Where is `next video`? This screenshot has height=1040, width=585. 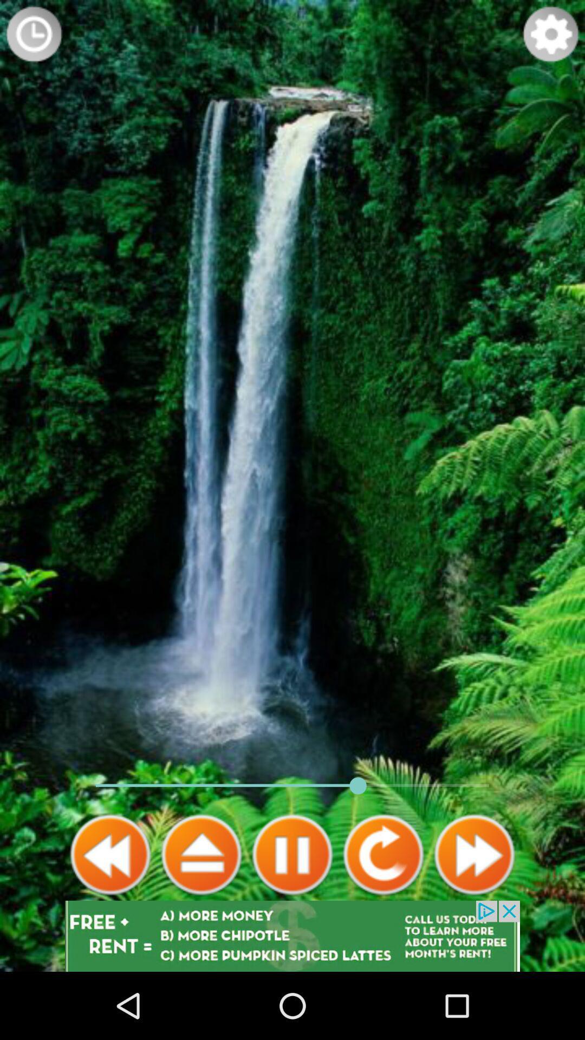 next video is located at coordinates (201, 854).